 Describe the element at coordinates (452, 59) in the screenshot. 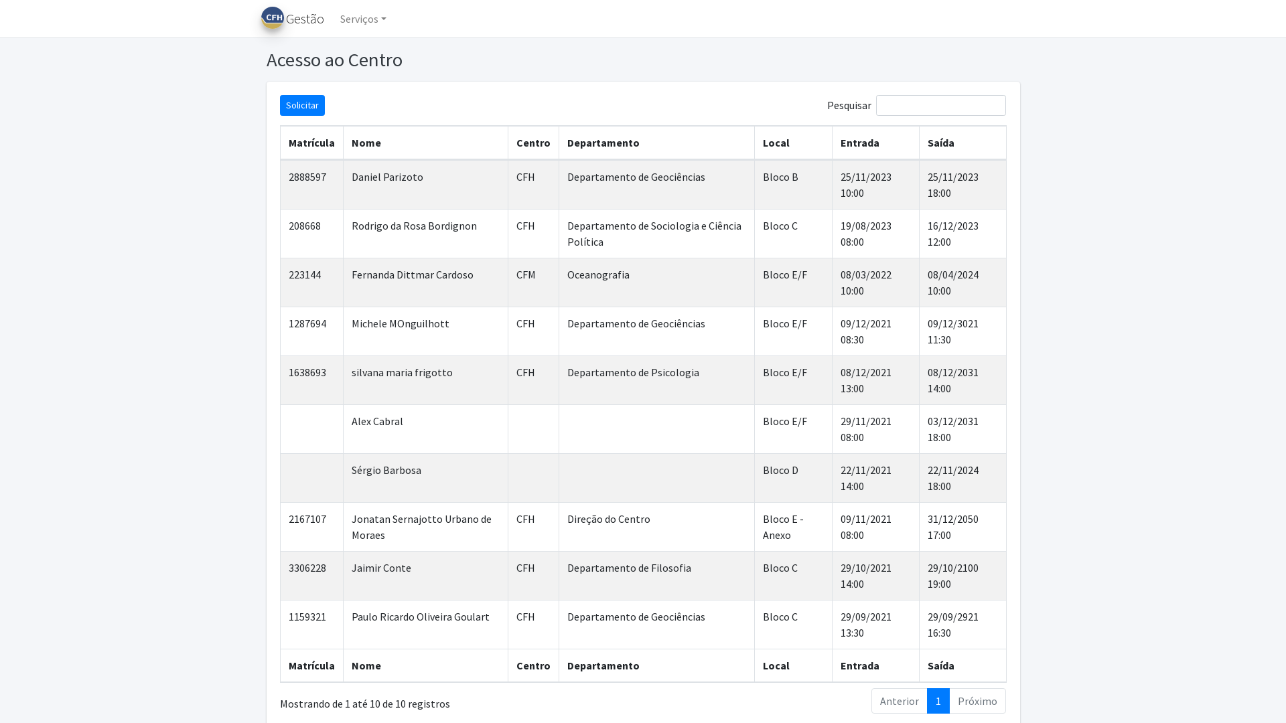

I see `'Acesso ao Centro'` at that location.